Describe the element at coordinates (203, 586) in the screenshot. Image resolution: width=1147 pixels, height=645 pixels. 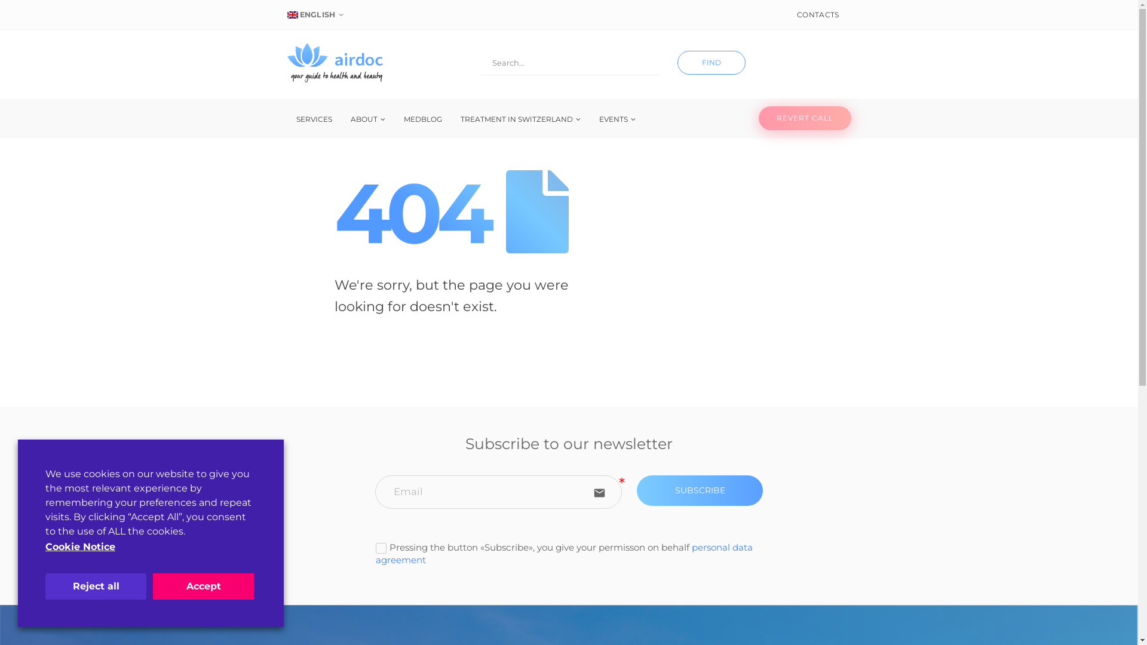
I see `'Accept'` at that location.